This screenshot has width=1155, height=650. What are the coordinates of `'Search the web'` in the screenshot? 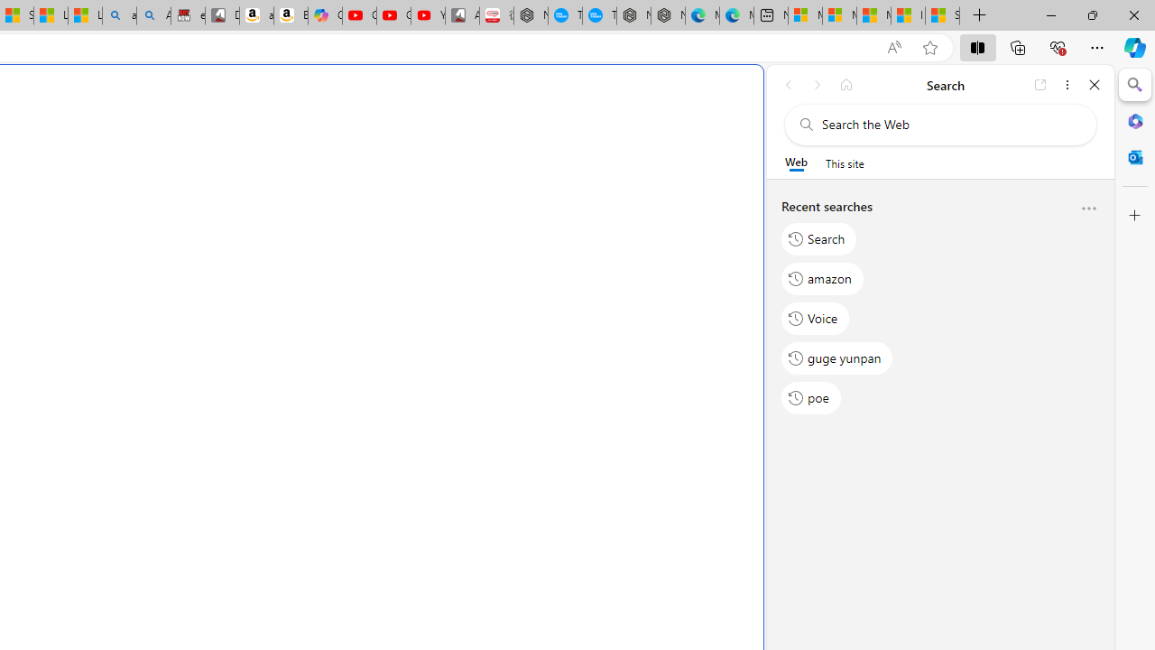 It's located at (948, 124).